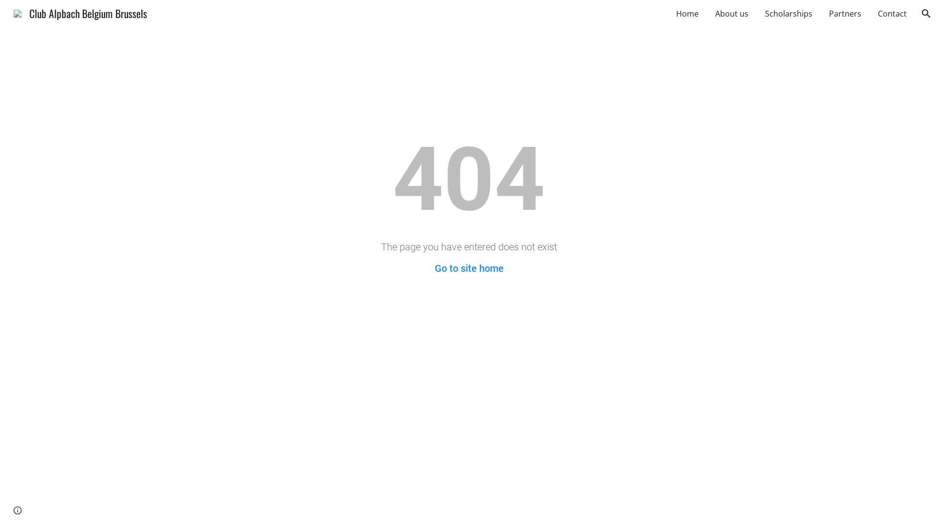 This screenshot has width=938, height=527. I want to click on 'About us', so click(731, 13).